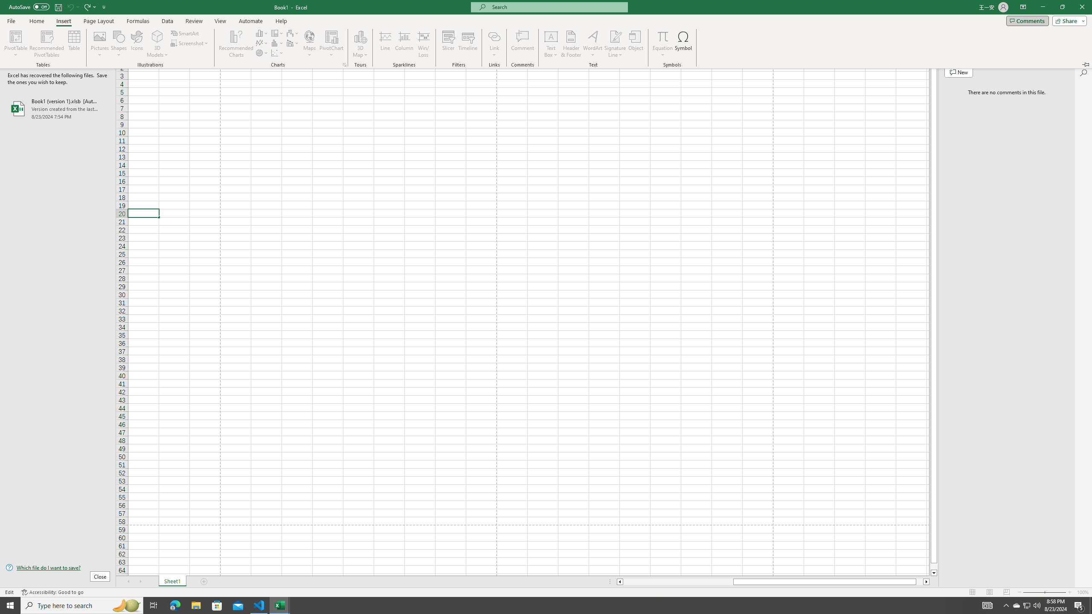 This screenshot has height=614, width=1092. I want to click on 'Notification Chevron', so click(1006, 605).